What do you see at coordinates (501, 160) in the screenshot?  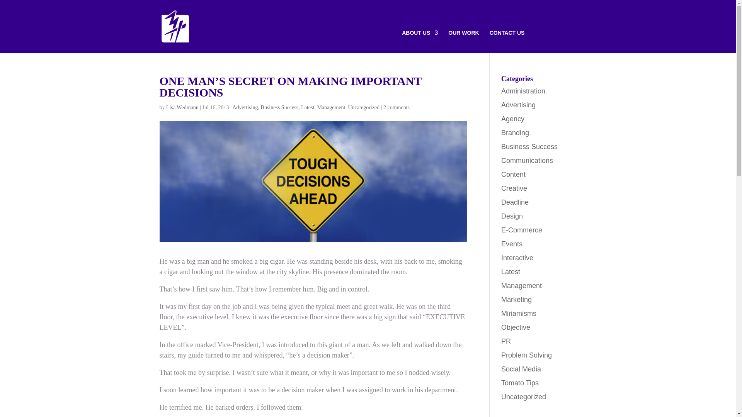 I see `'Communications'` at bounding box center [501, 160].